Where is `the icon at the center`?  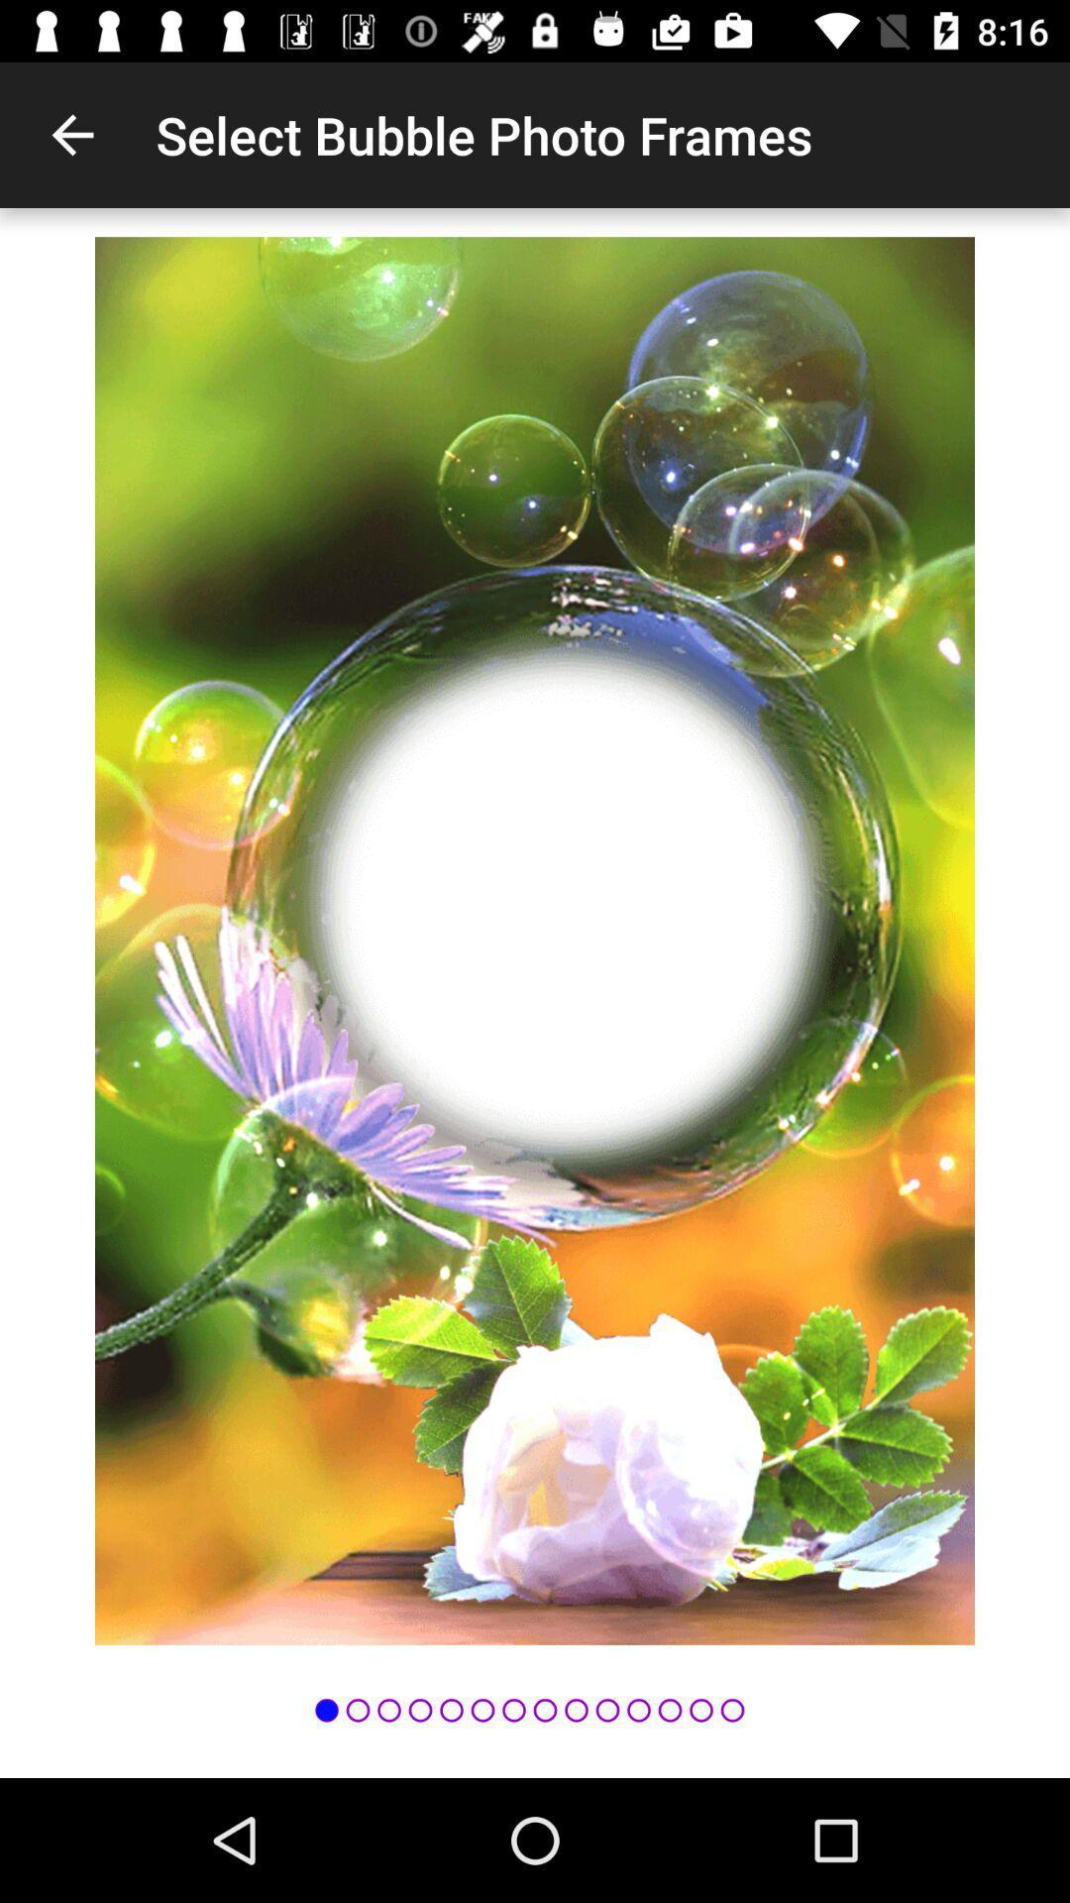
the icon at the center is located at coordinates (535, 940).